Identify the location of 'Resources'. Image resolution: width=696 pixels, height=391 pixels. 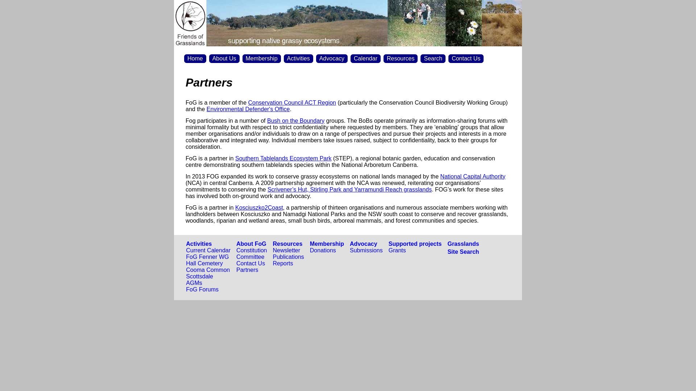
(287, 244).